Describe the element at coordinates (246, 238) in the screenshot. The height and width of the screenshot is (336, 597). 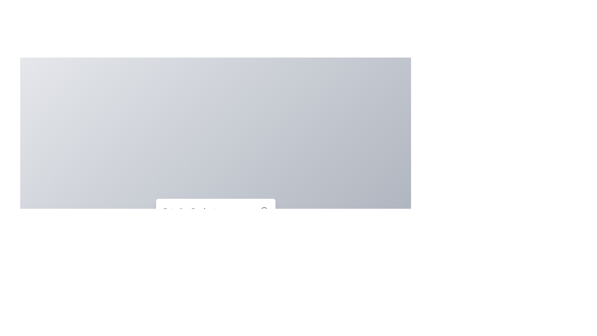
I see `the star corresponding to the desired rating 4` at that location.